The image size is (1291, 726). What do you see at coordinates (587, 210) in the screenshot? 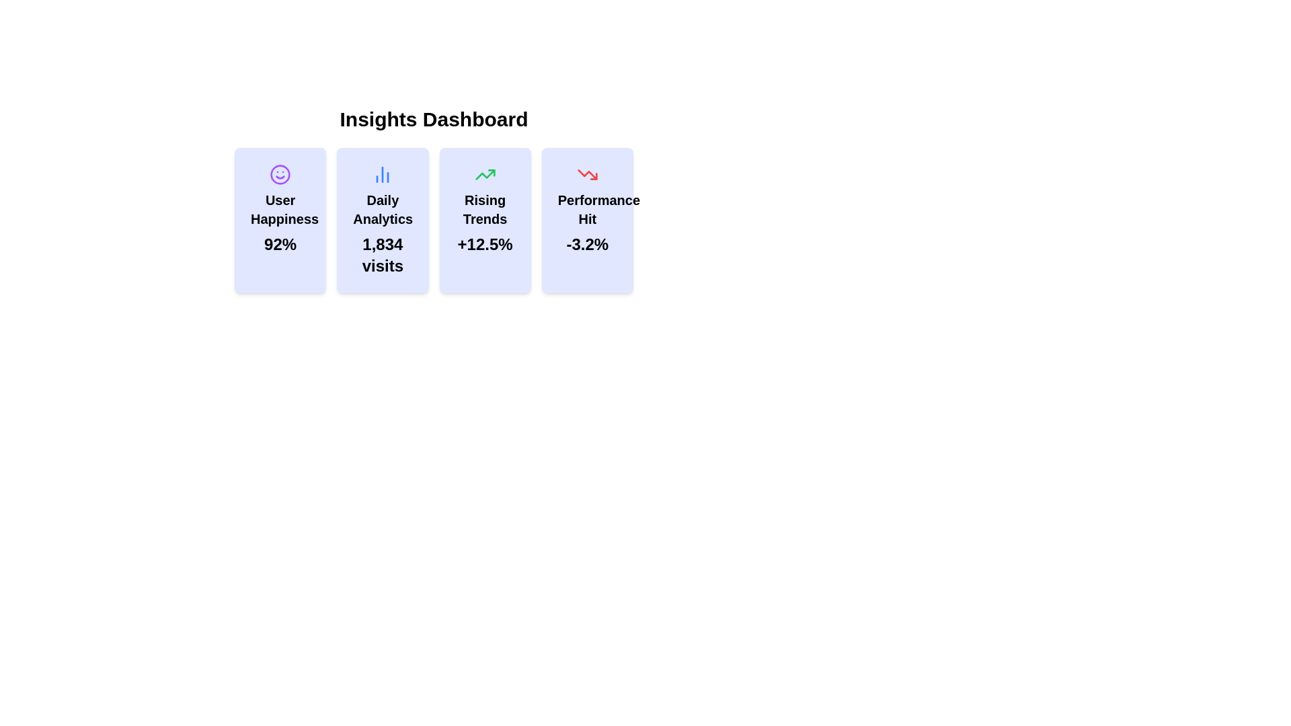
I see `the bold-text headline displaying 'Performance Hit', which is positioned at the top middle of a light indigo-colored box containing performance metrics` at bounding box center [587, 210].